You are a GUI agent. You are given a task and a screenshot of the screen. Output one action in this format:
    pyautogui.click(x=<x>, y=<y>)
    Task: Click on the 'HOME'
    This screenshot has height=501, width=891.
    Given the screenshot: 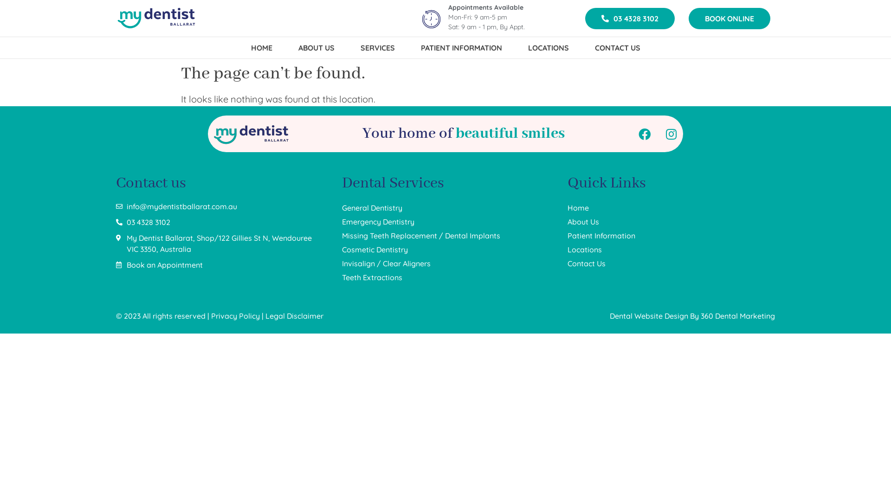 What is the action you would take?
    pyautogui.click(x=260, y=48)
    